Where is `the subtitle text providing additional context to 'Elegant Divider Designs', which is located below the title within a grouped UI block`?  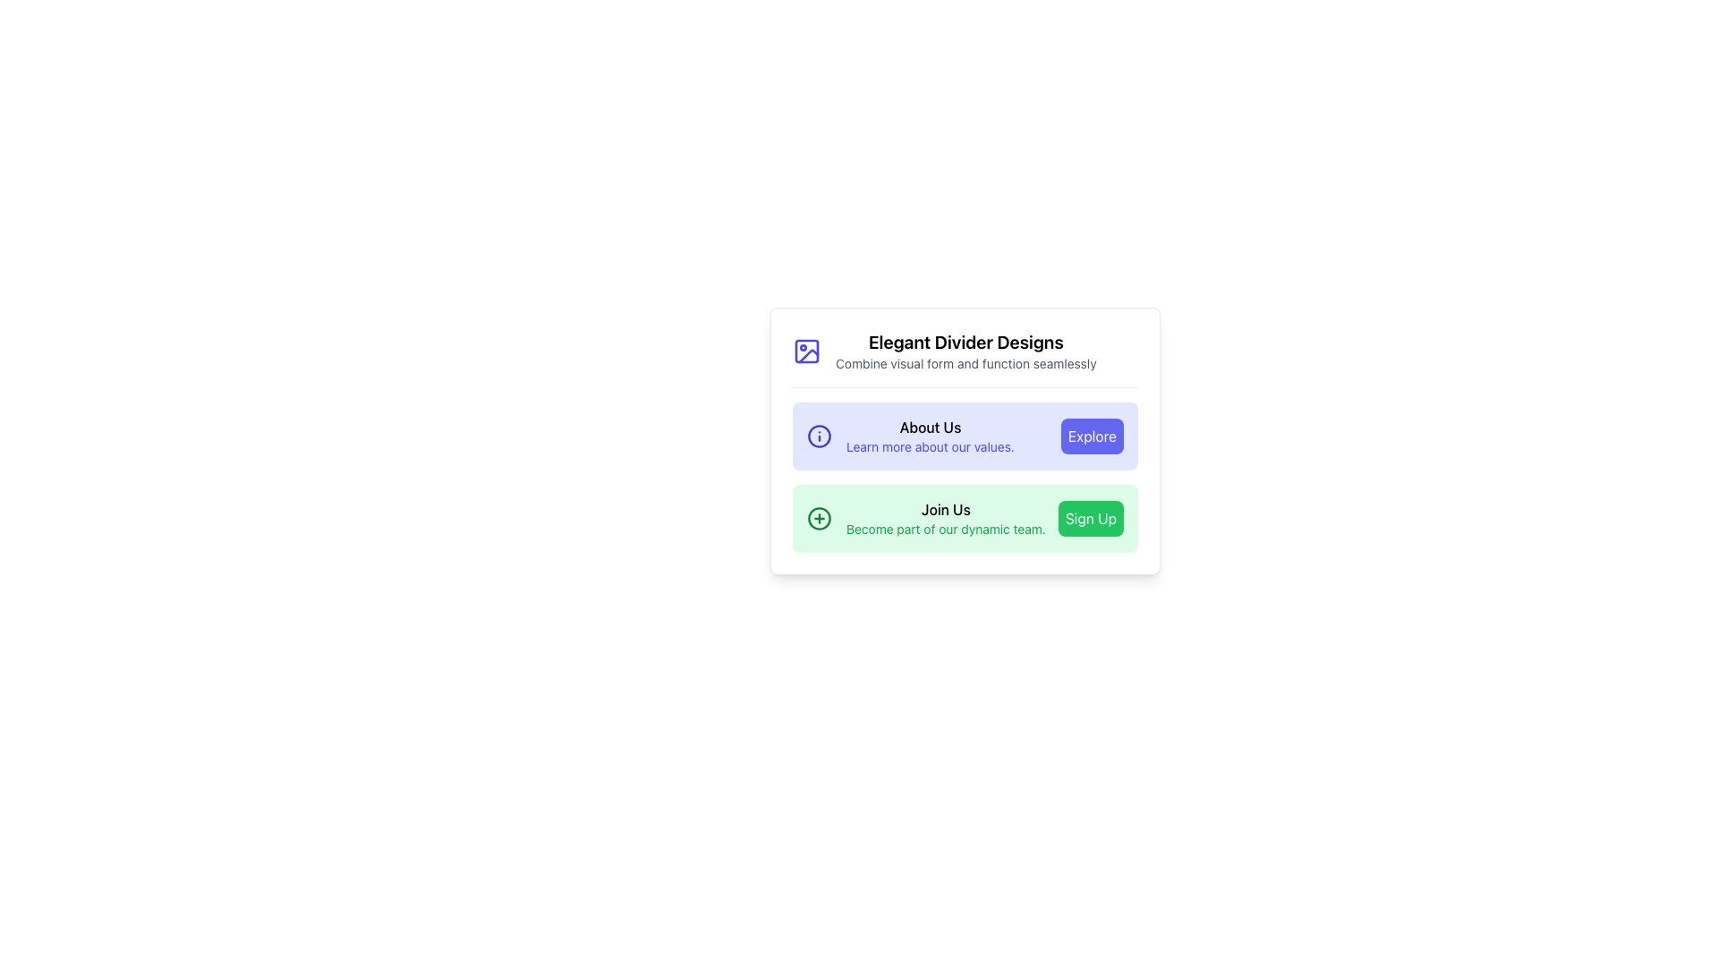 the subtitle text providing additional context to 'Elegant Divider Designs', which is located below the title within a grouped UI block is located at coordinates (965, 363).